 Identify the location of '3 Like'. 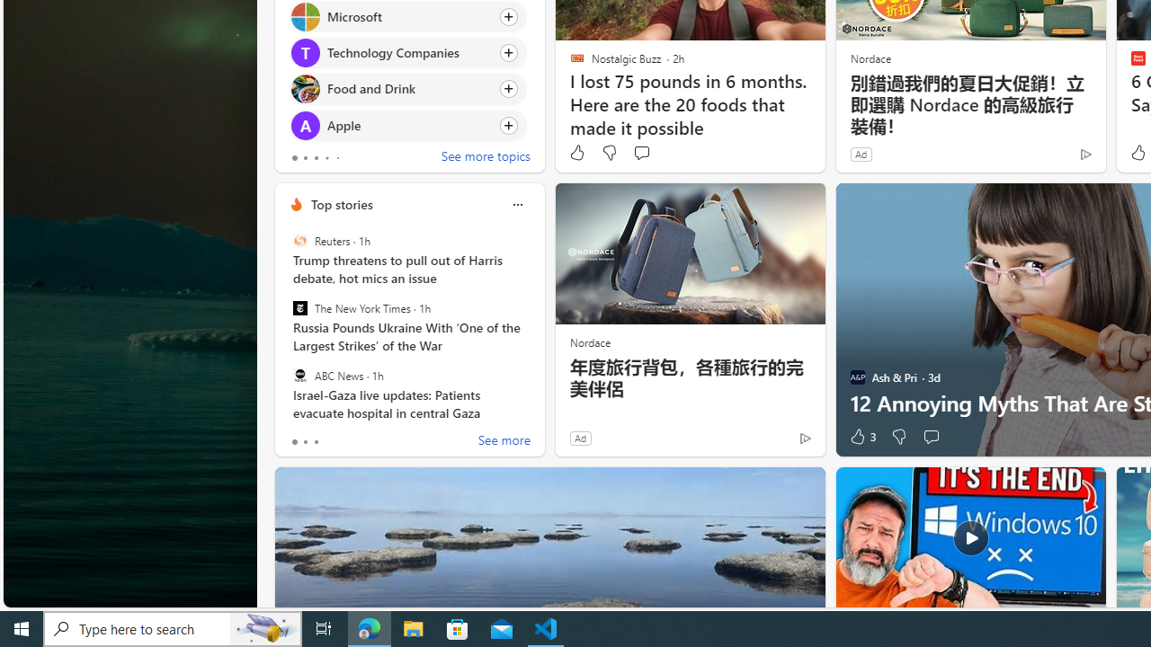
(861, 437).